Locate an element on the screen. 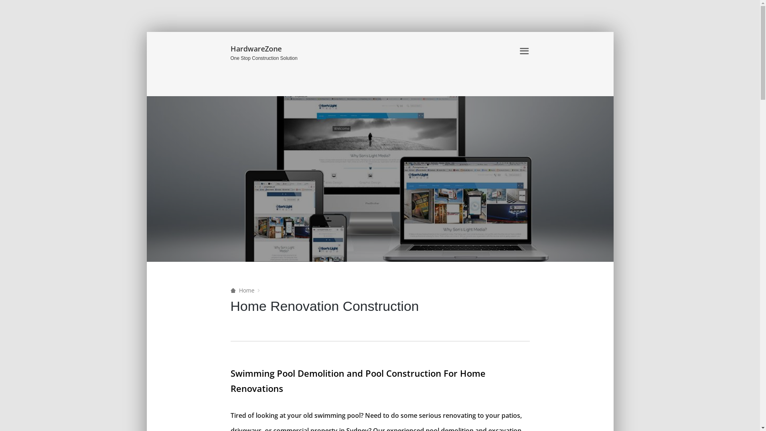 The image size is (766, 431). 'Home' is located at coordinates (242, 290).